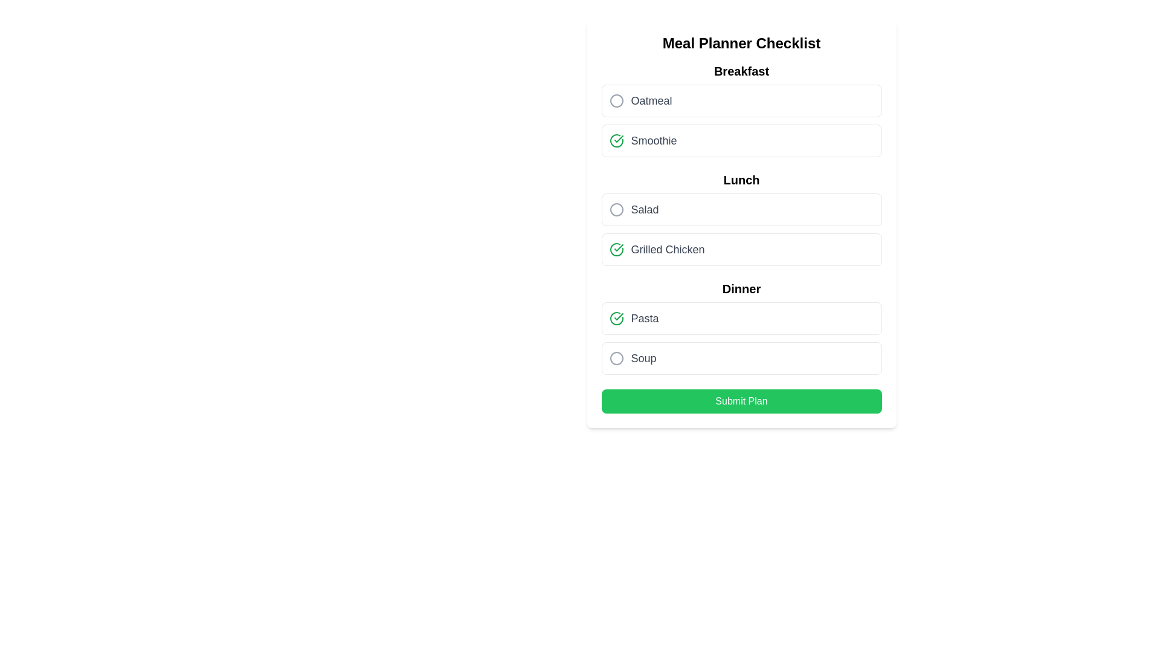  What do you see at coordinates (616, 140) in the screenshot?
I see `associated text next to the Indicator icon with a green border and checkmark, which indicates a status of 'selected' or 'completed' near the 'Smoothie' list item in the 'Breakfast' section` at bounding box center [616, 140].